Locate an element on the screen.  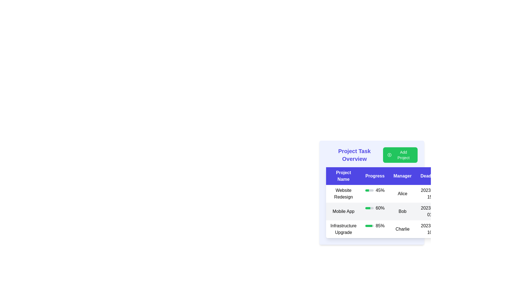
progress value of the 'Website Redesign' project, which is visually represented as 45% complete in the Progress indicator located in the first row of the table is located at coordinates (375, 190).